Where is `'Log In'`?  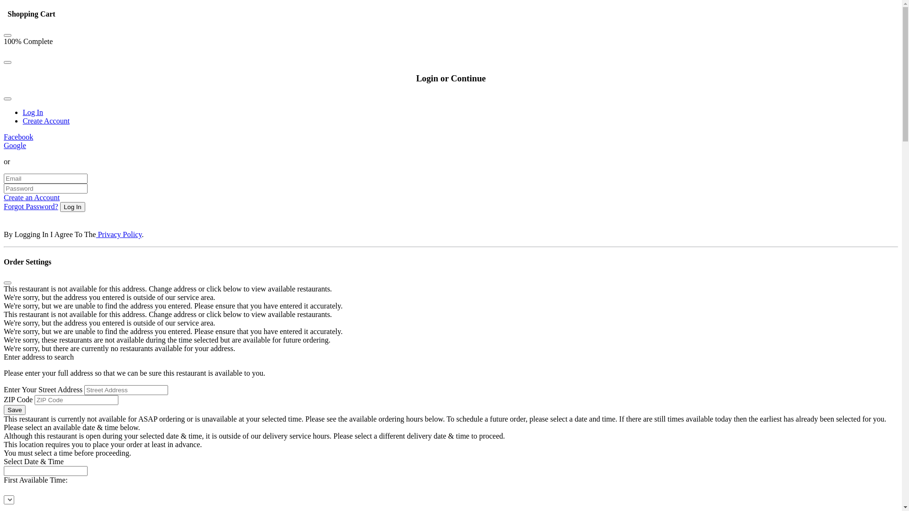
'Log In' is located at coordinates (33, 112).